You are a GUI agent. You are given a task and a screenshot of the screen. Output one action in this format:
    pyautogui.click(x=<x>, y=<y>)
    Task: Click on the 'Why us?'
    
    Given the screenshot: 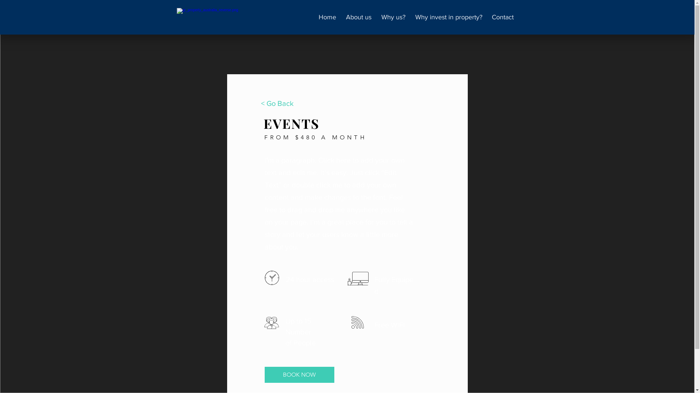 What is the action you would take?
    pyautogui.click(x=374, y=17)
    